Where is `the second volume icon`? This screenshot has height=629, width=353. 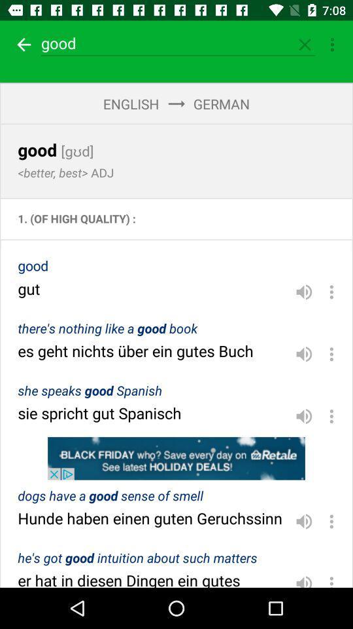
the second volume icon is located at coordinates (303, 353).